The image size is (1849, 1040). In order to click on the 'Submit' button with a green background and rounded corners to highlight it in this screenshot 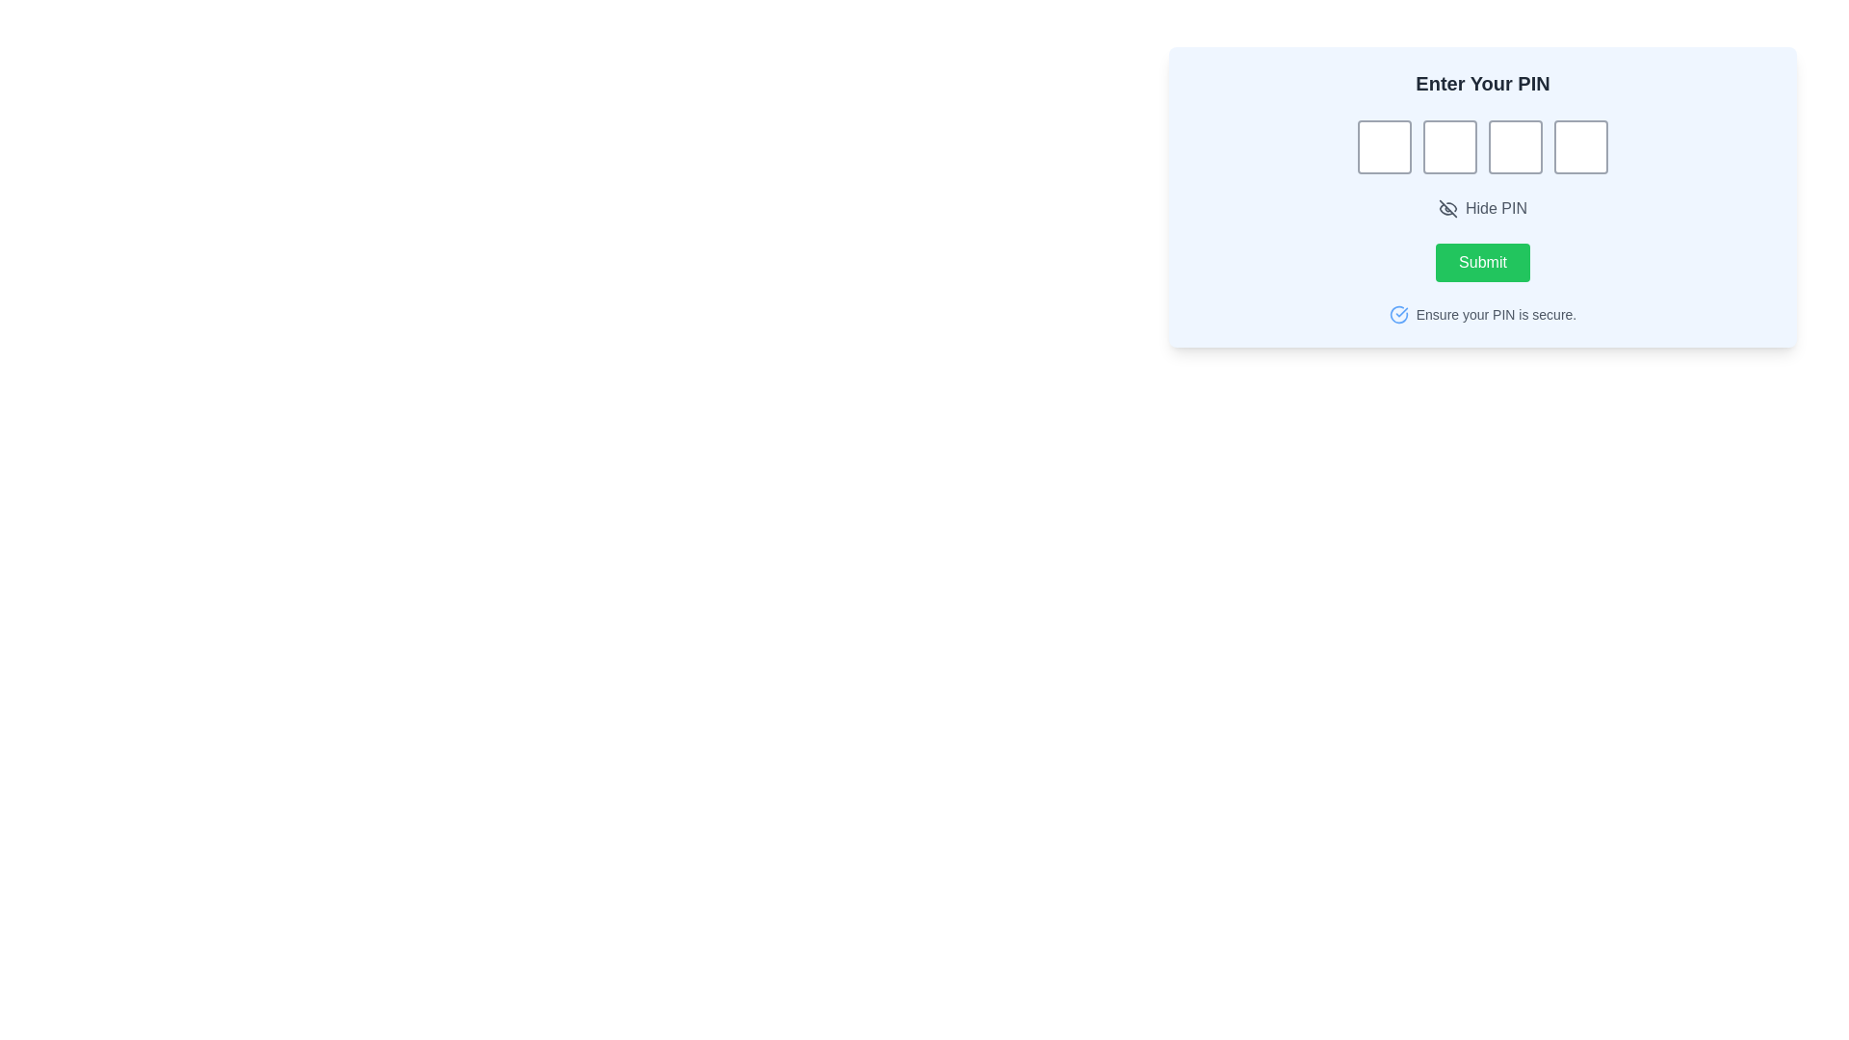, I will do `click(1482, 263)`.